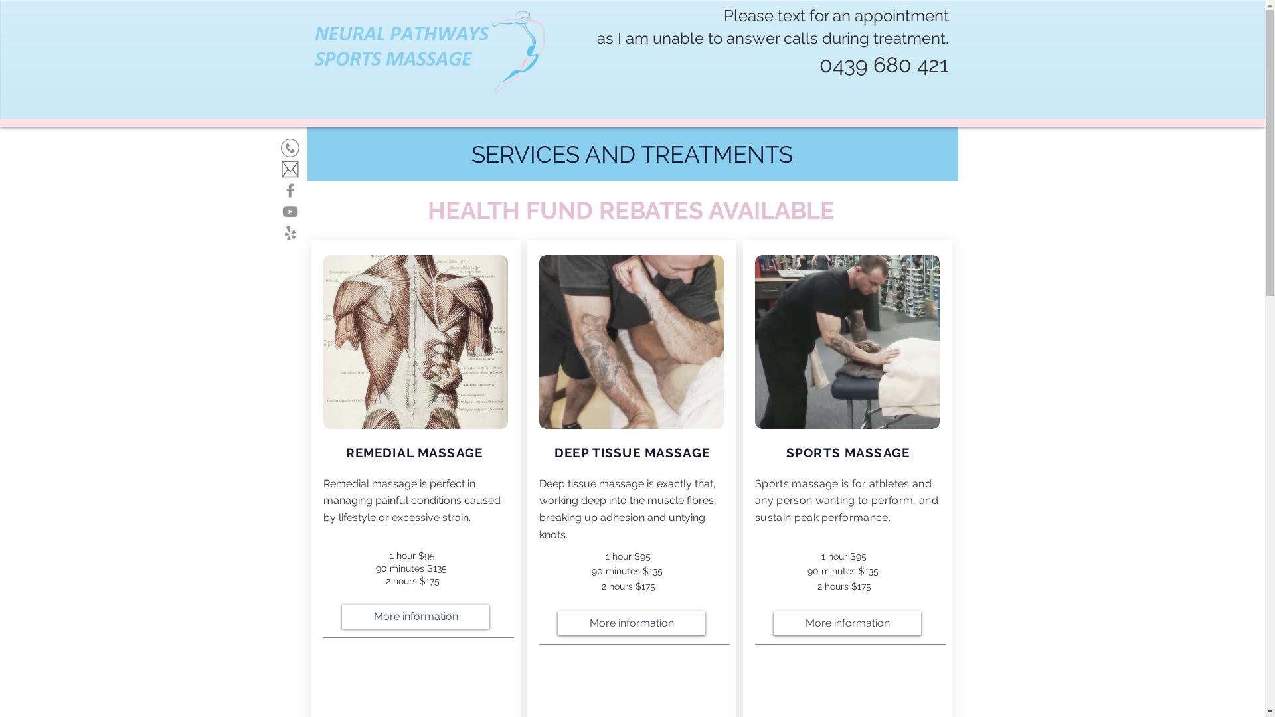 Image resolution: width=1275 pixels, height=717 pixels. Describe the element at coordinates (416, 452) in the screenshot. I see `'REMEDIAL MASSAGE '` at that location.